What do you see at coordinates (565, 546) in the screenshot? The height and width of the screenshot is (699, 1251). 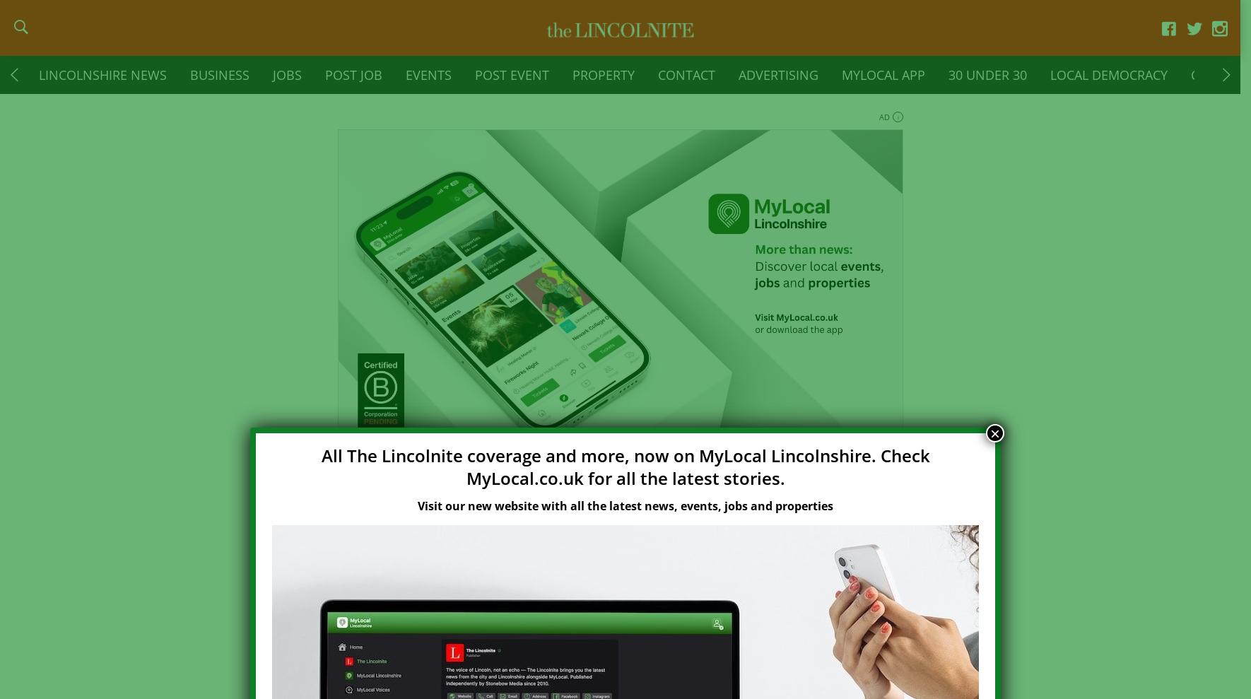 I see `'This story is over 114 months old'` at bounding box center [565, 546].